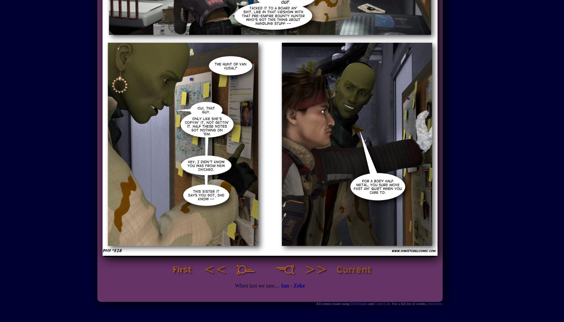 The height and width of the screenshot is (322, 564). What do you see at coordinates (371, 304) in the screenshot?
I see `'and'` at bounding box center [371, 304].